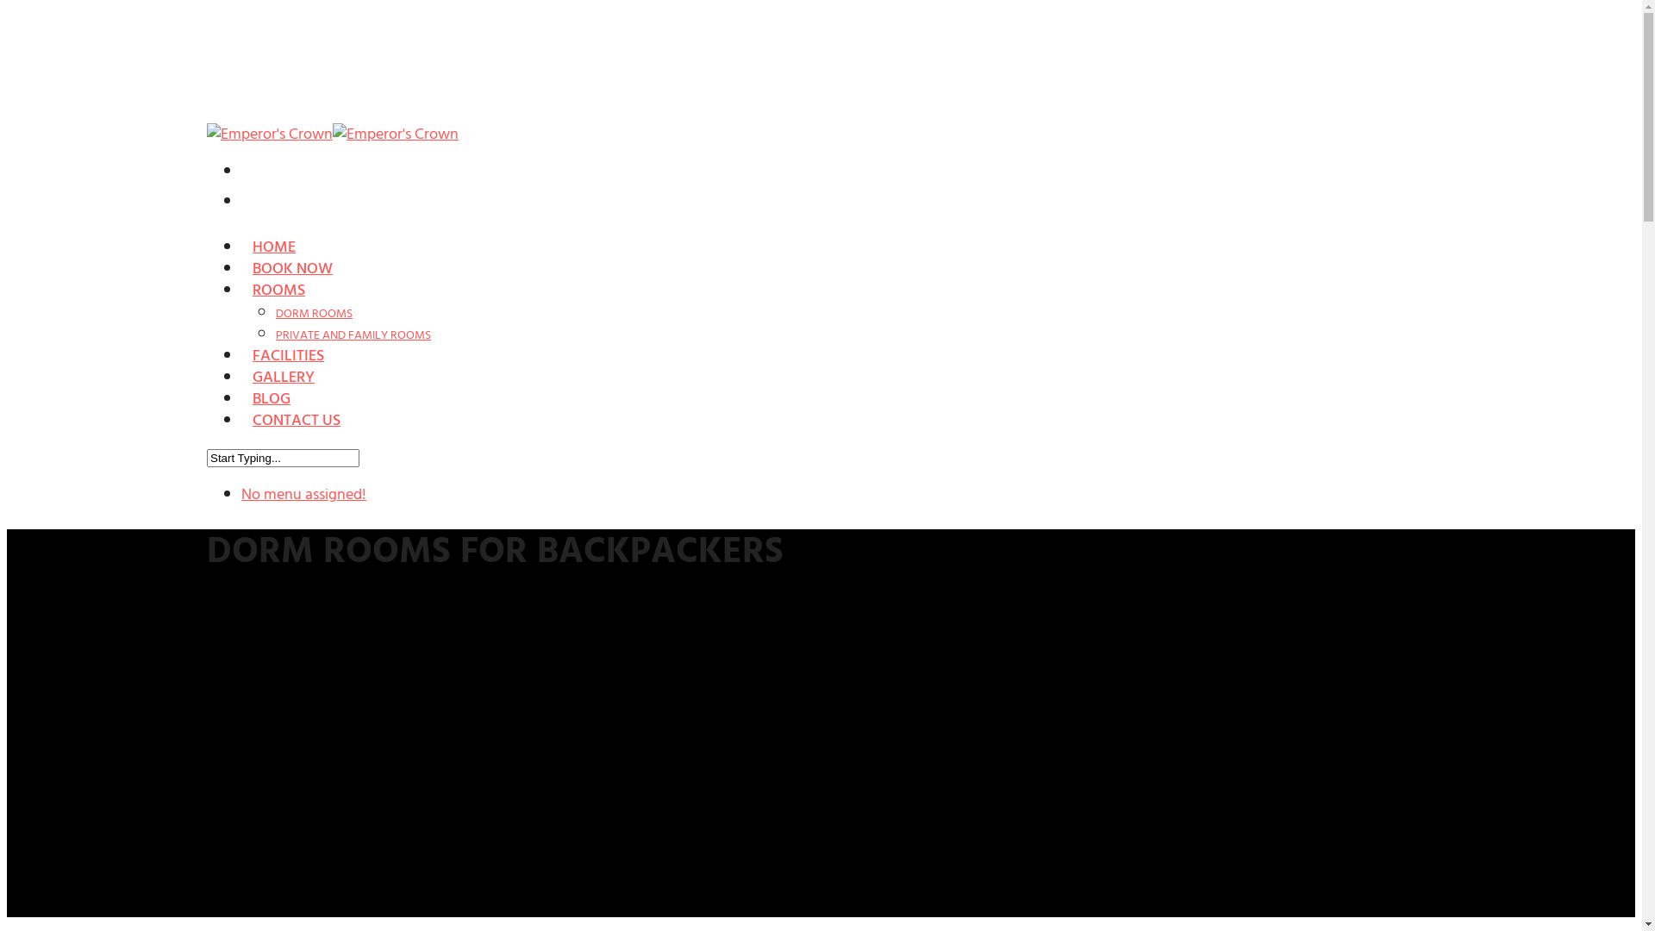 This screenshot has height=931, width=1655. What do you see at coordinates (272, 258) in the screenshot?
I see `'HOME'` at bounding box center [272, 258].